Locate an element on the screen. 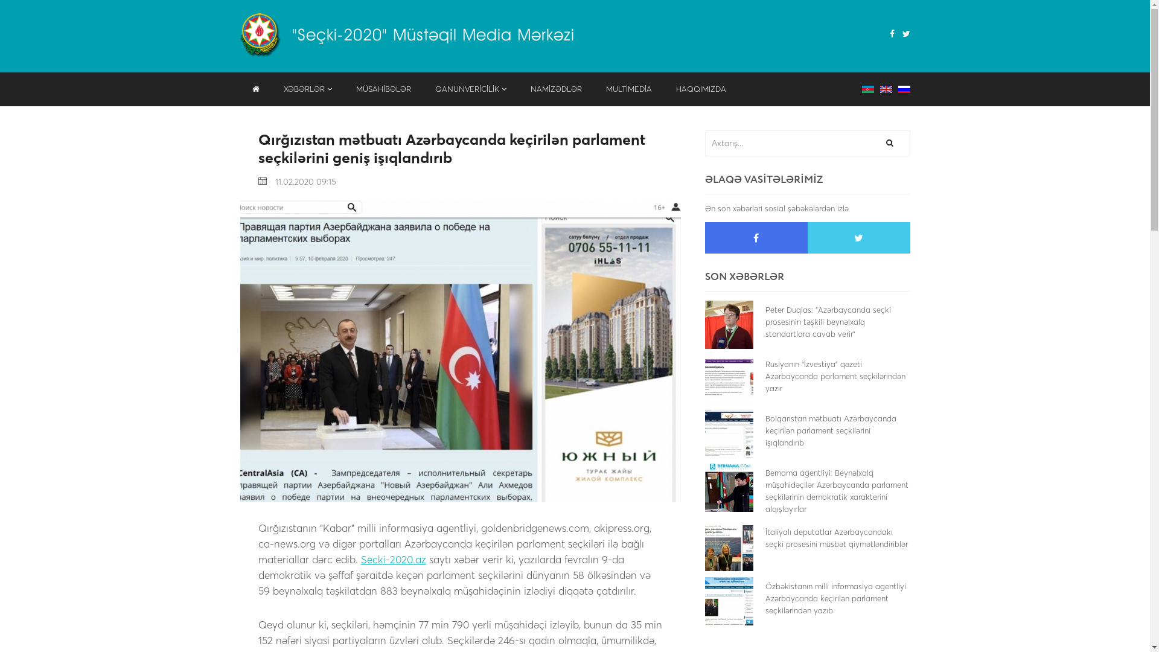 The image size is (1159, 652). 'Secki-2020.az' is located at coordinates (394, 559).